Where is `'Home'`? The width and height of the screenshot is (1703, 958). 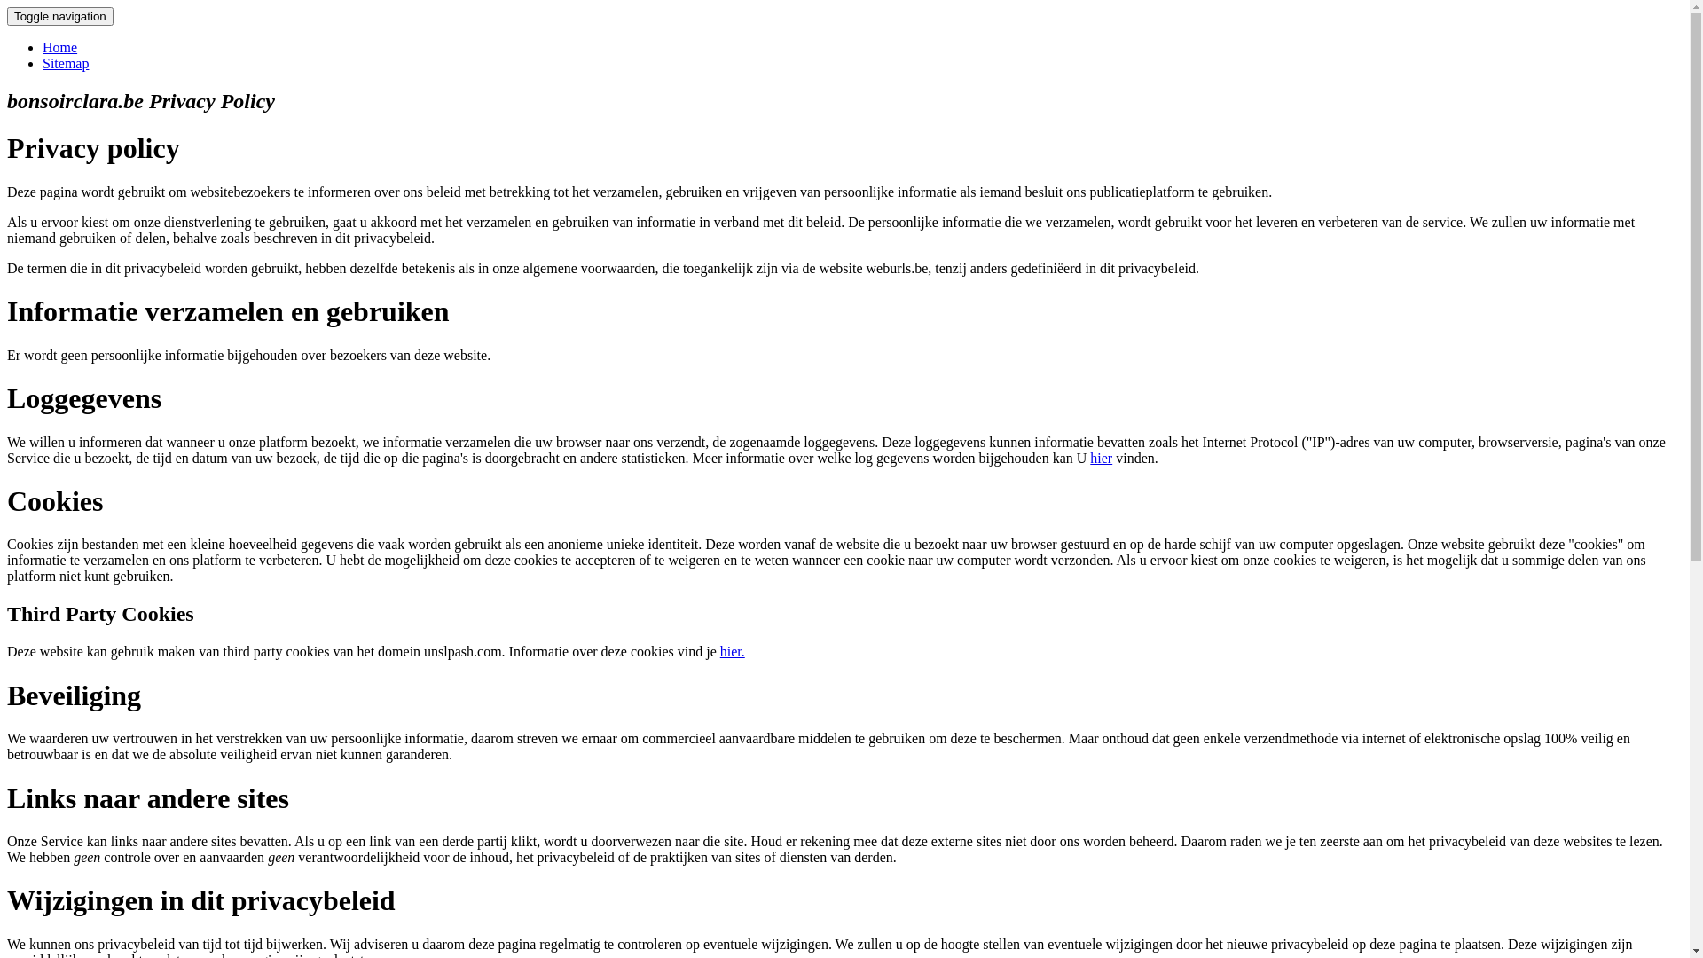
'Home' is located at coordinates (59, 46).